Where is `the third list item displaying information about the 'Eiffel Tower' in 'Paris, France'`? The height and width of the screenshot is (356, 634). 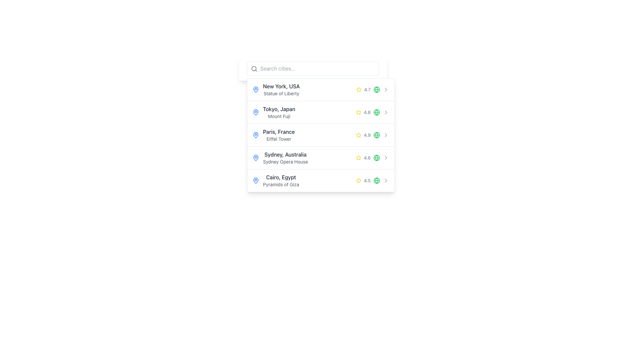 the third list item displaying information about the 'Eiffel Tower' in 'Paris, France' is located at coordinates (321, 135).